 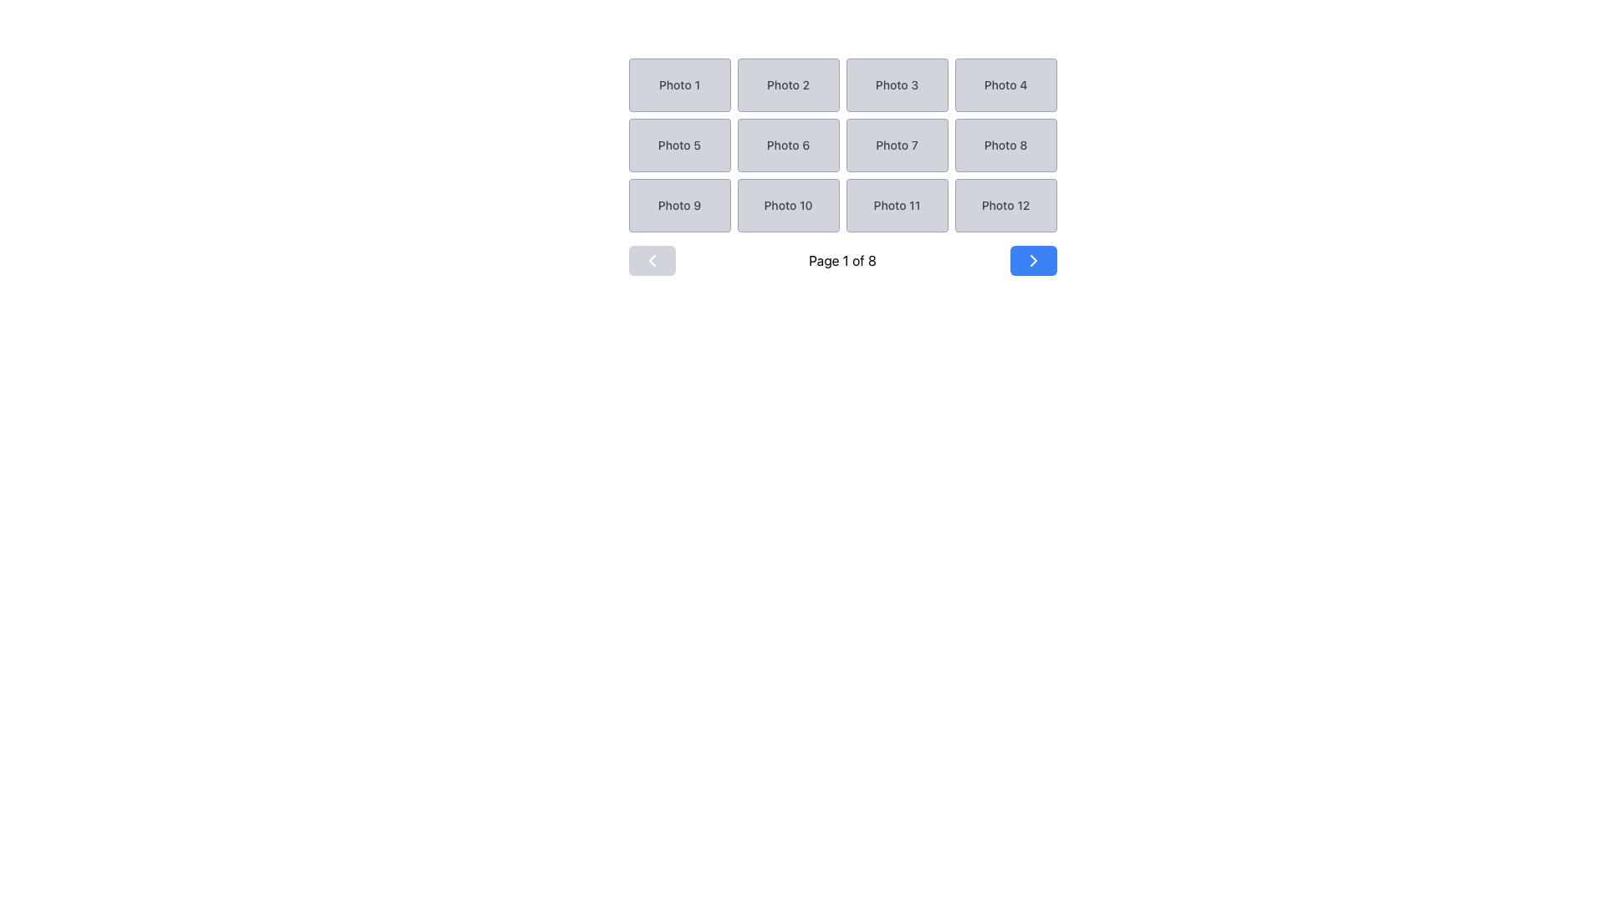 What do you see at coordinates (1005, 84) in the screenshot?
I see `the Button-like text element labeled 'Photo 4', positioned in the first row and fourth column of the grid` at bounding box center [1005, 84].